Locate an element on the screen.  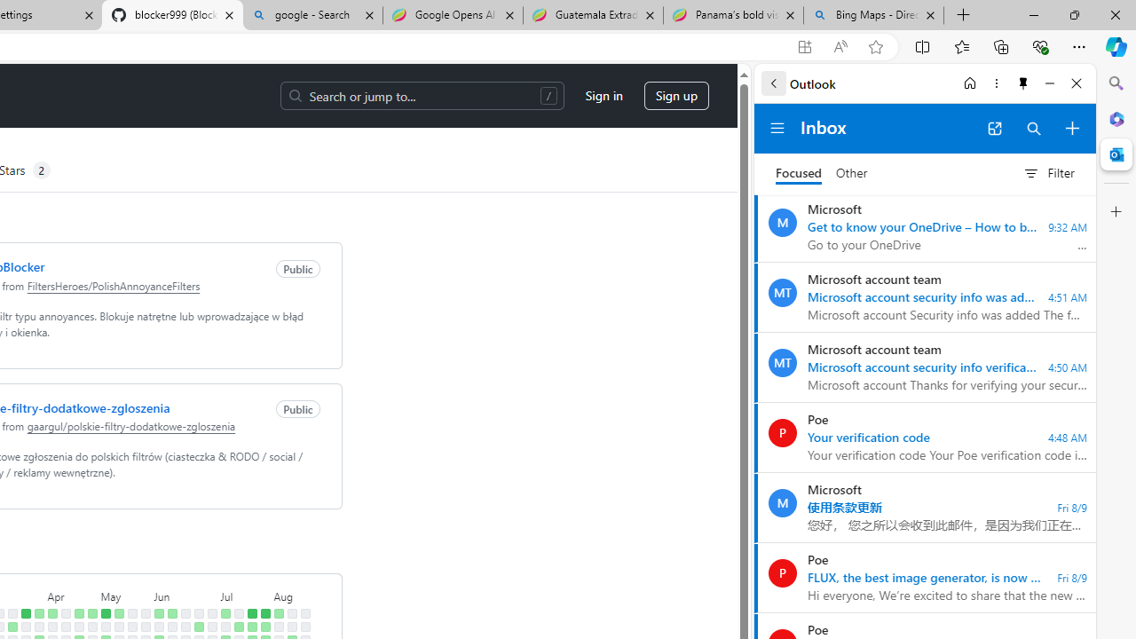
'No contributions on March 17th.' is located at coordinates (12, 612).